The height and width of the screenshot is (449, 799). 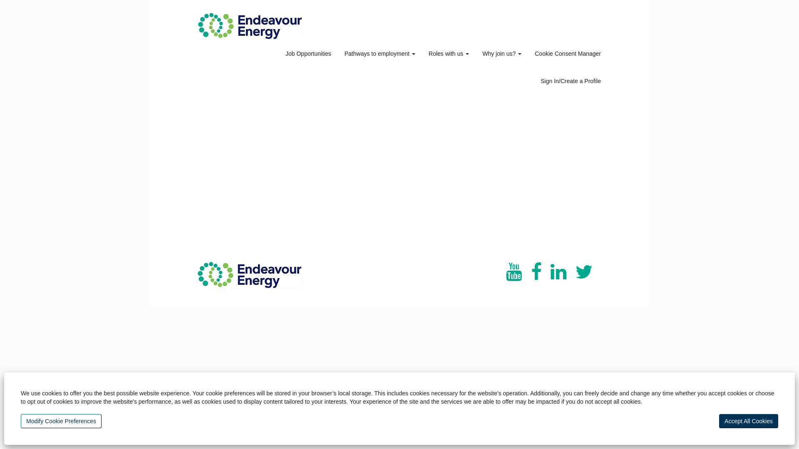 What do you see at coordinates (505, 272) in the screenshot?
I see `'youtube'` at bounding box center [505, 272].